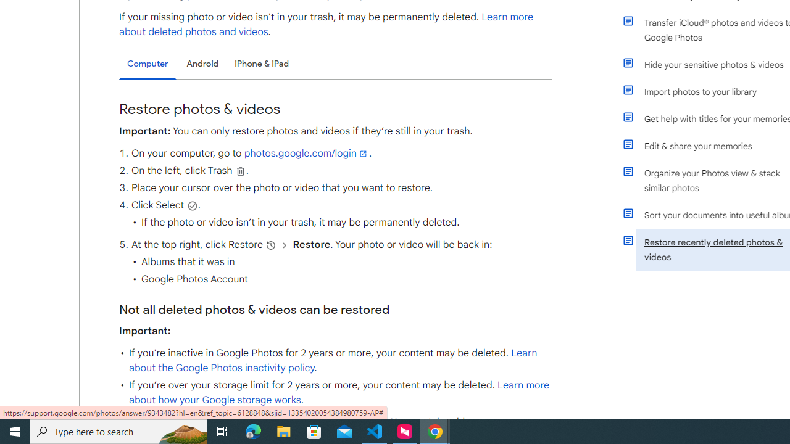  Describe the element at coordinates (284, 245) in the screenshot. I see `'and then'` at that location.